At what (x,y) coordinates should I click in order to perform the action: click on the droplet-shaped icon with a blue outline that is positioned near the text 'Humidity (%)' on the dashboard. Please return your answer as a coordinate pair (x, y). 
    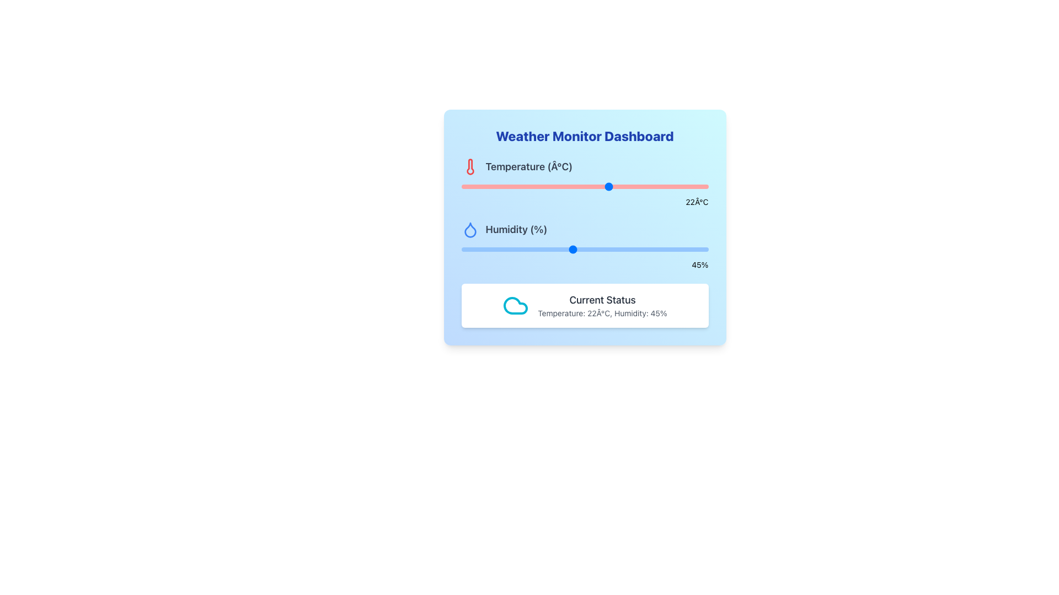
    Looking at the image, I should click on (470, 229).